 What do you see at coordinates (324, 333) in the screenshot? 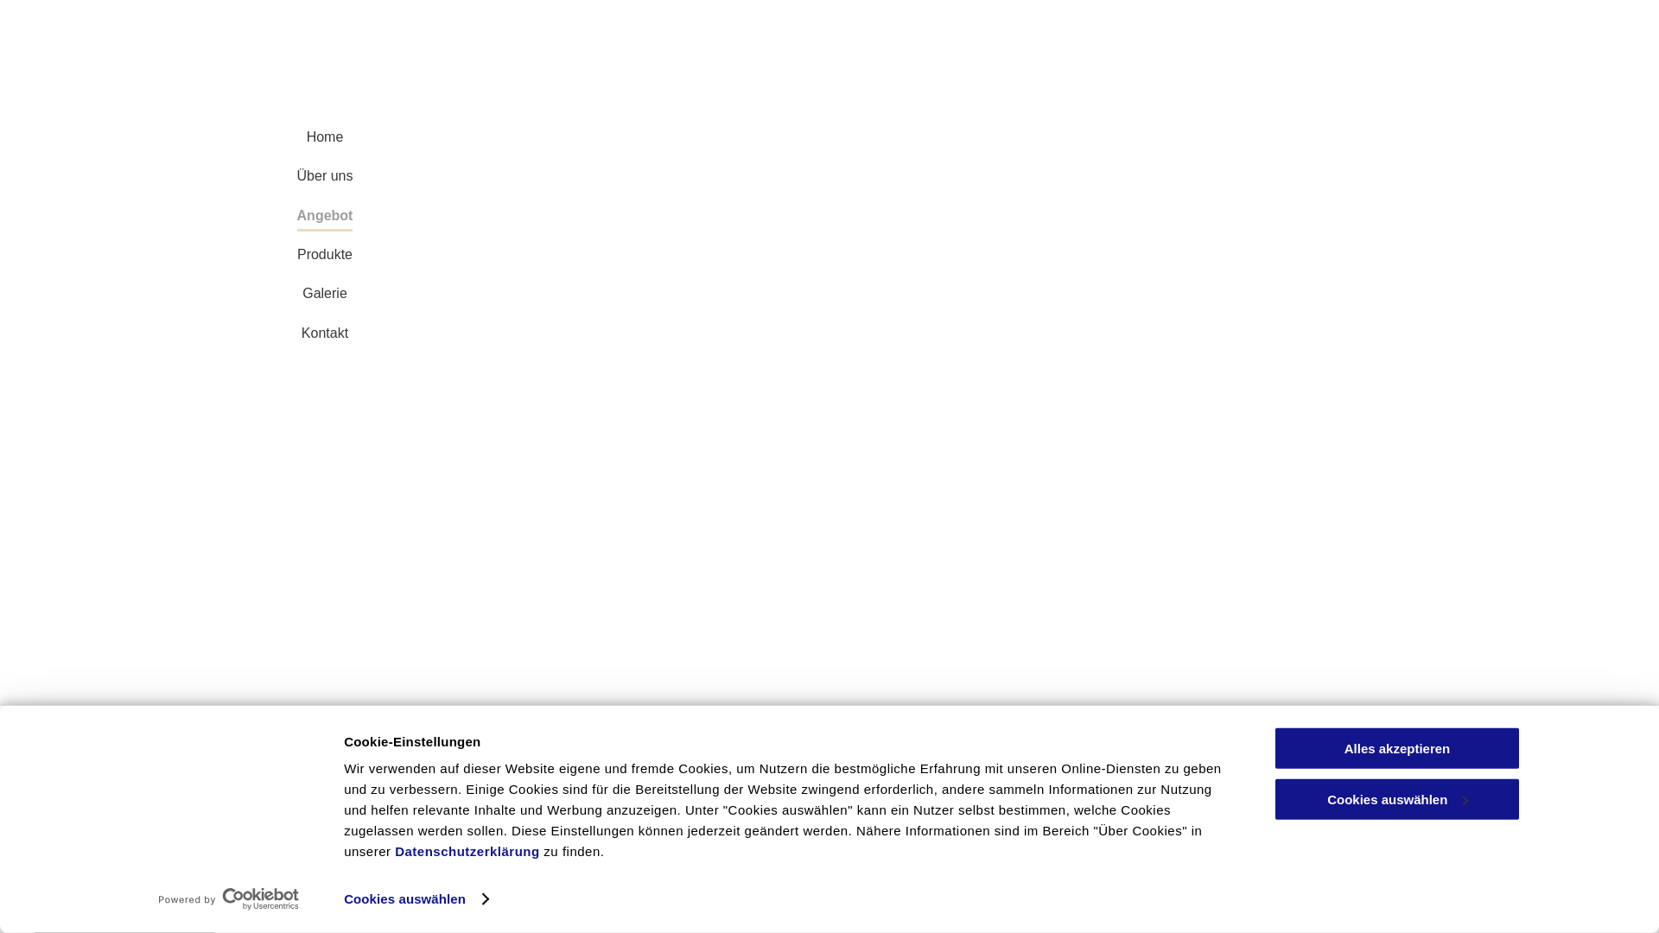
I see `'Kontakt'` at bounding box center [324, 333].